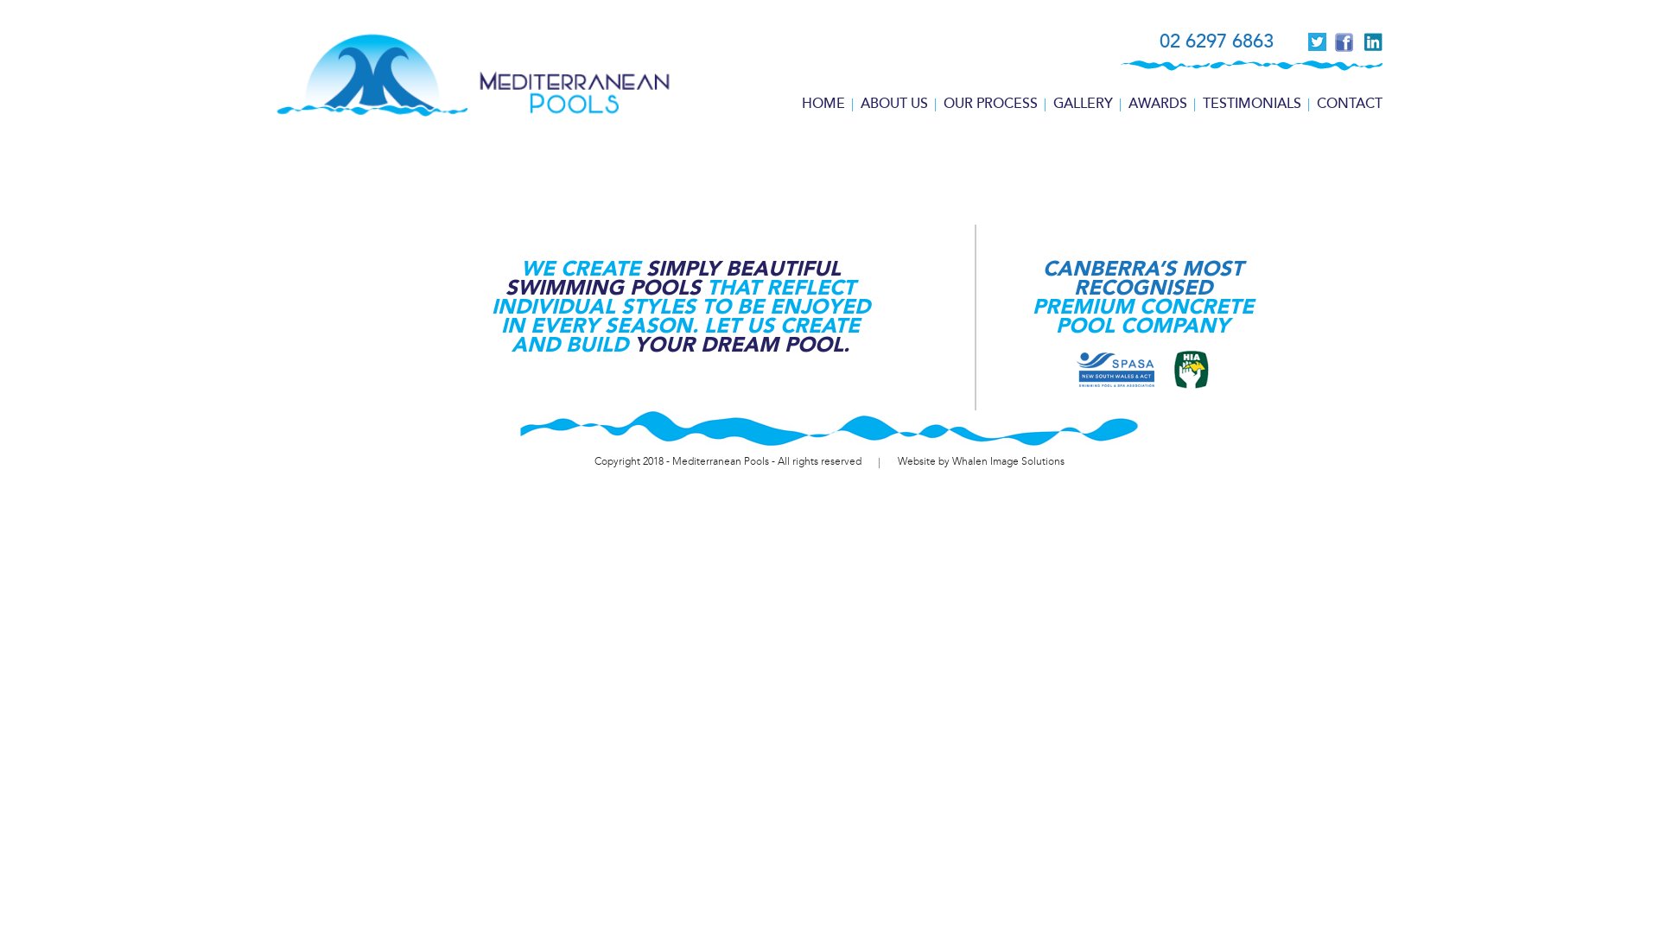 The width and height of the screenshot is (1659, 933). What do you see at coordinates (1215, 41) in the screenshot?
I see `'02 6297 6863'` at bounding box center [1215, 41].